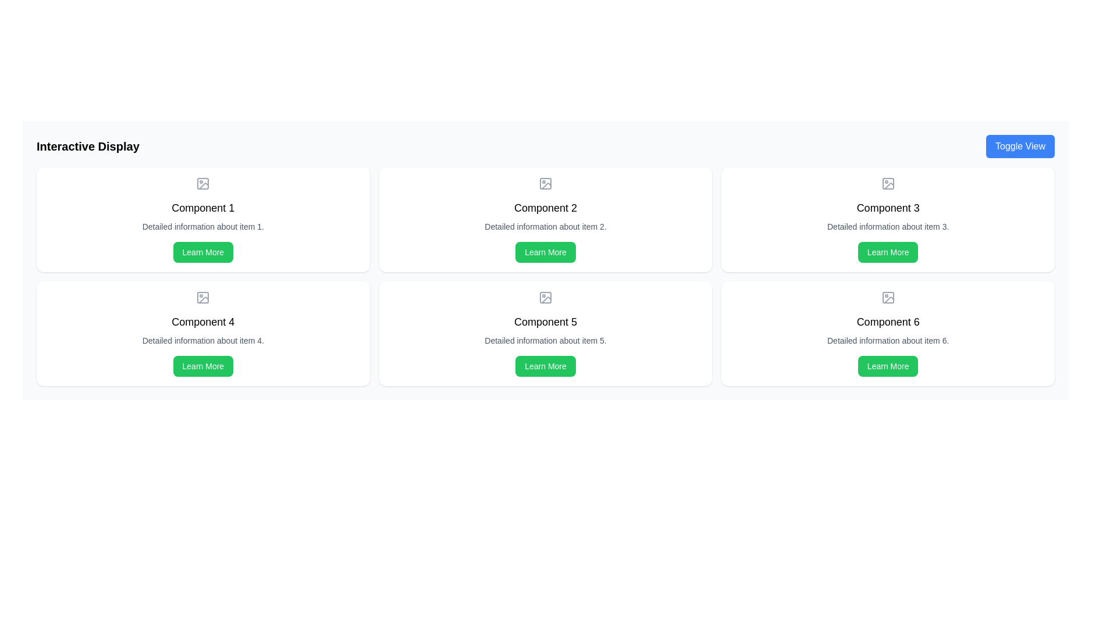  What do you see at coordinates (545, 365) in the screenshot?
I see `the button located at the bottom-center of the 'Component 5' card` at bounding box center [545, 365].